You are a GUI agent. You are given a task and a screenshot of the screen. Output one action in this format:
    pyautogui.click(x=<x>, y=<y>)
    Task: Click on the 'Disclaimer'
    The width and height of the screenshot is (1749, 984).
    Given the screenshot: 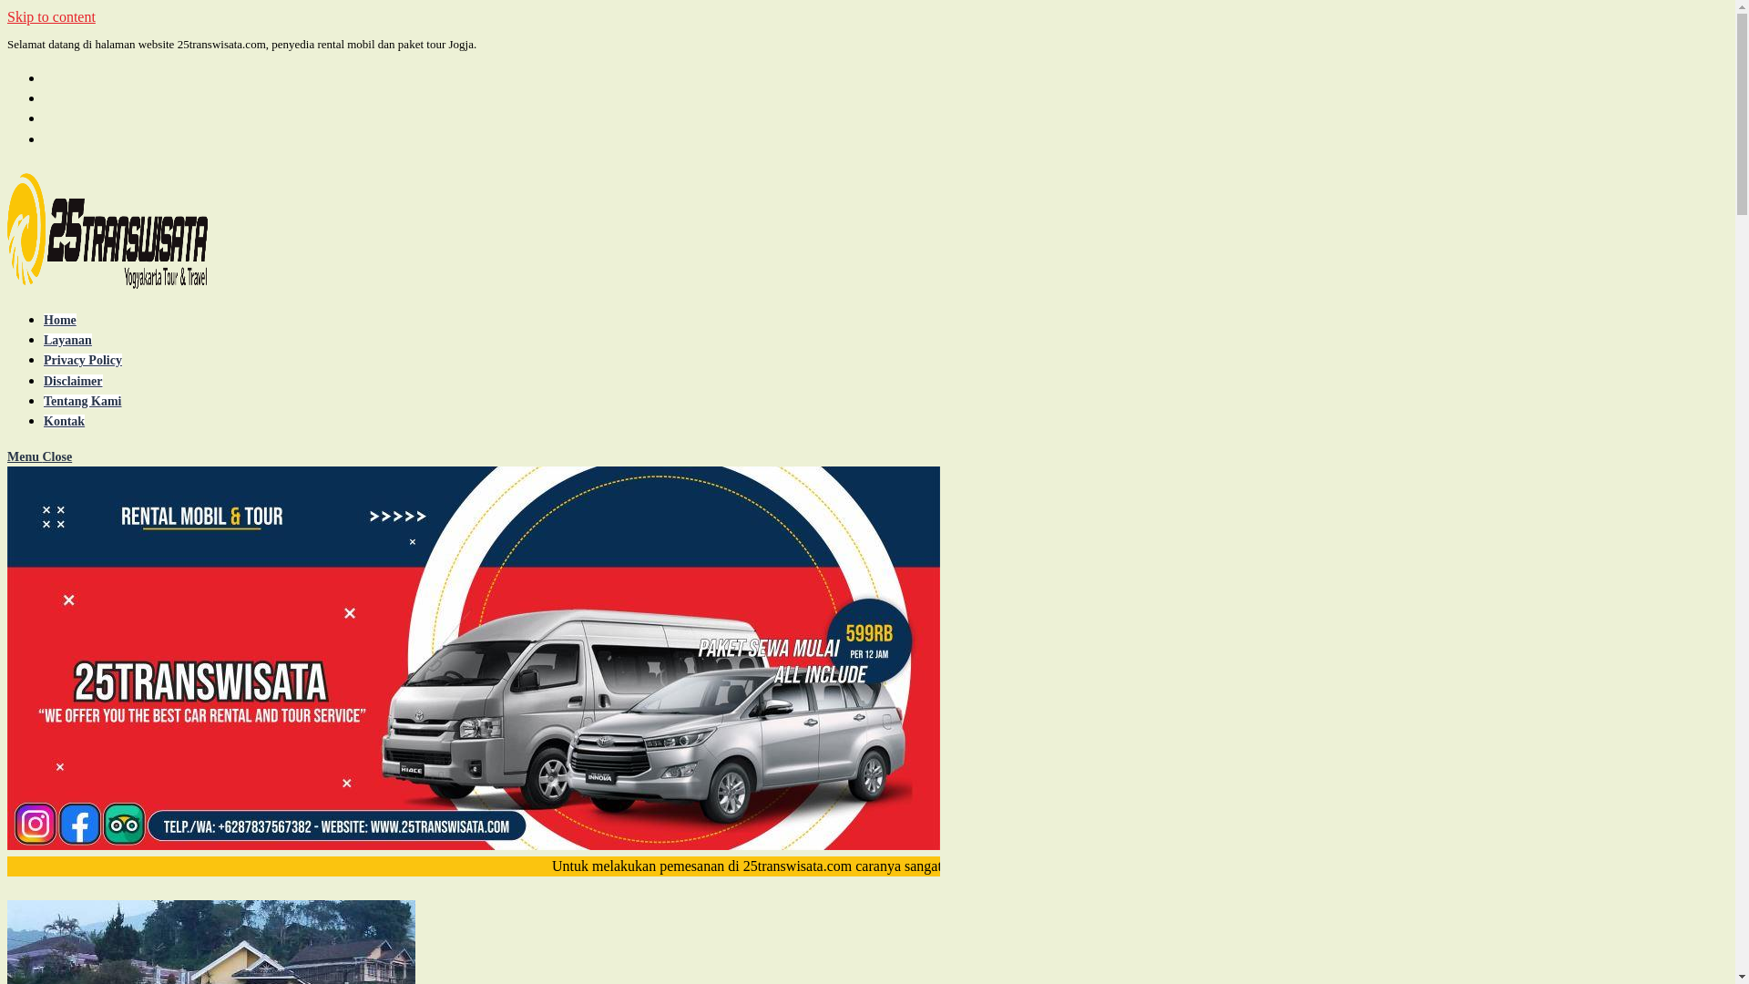 What is the action you would take?
    pyautogui.click(x=73, y=380)
    